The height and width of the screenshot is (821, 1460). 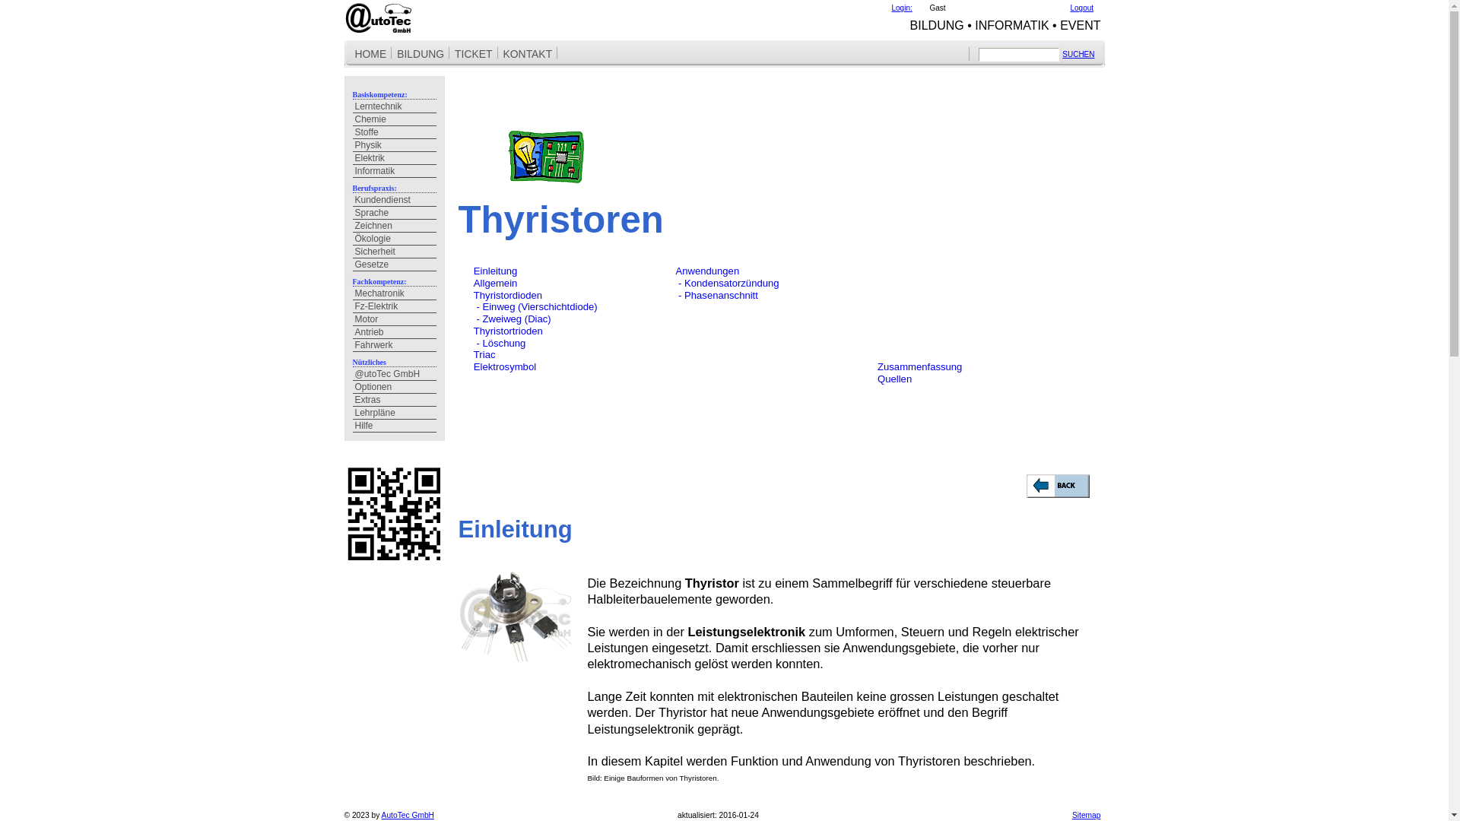 What do you see at coordinates (394, 264) in the screenshot?
I see `'Gesetze'` at bounding box center [394, 264].